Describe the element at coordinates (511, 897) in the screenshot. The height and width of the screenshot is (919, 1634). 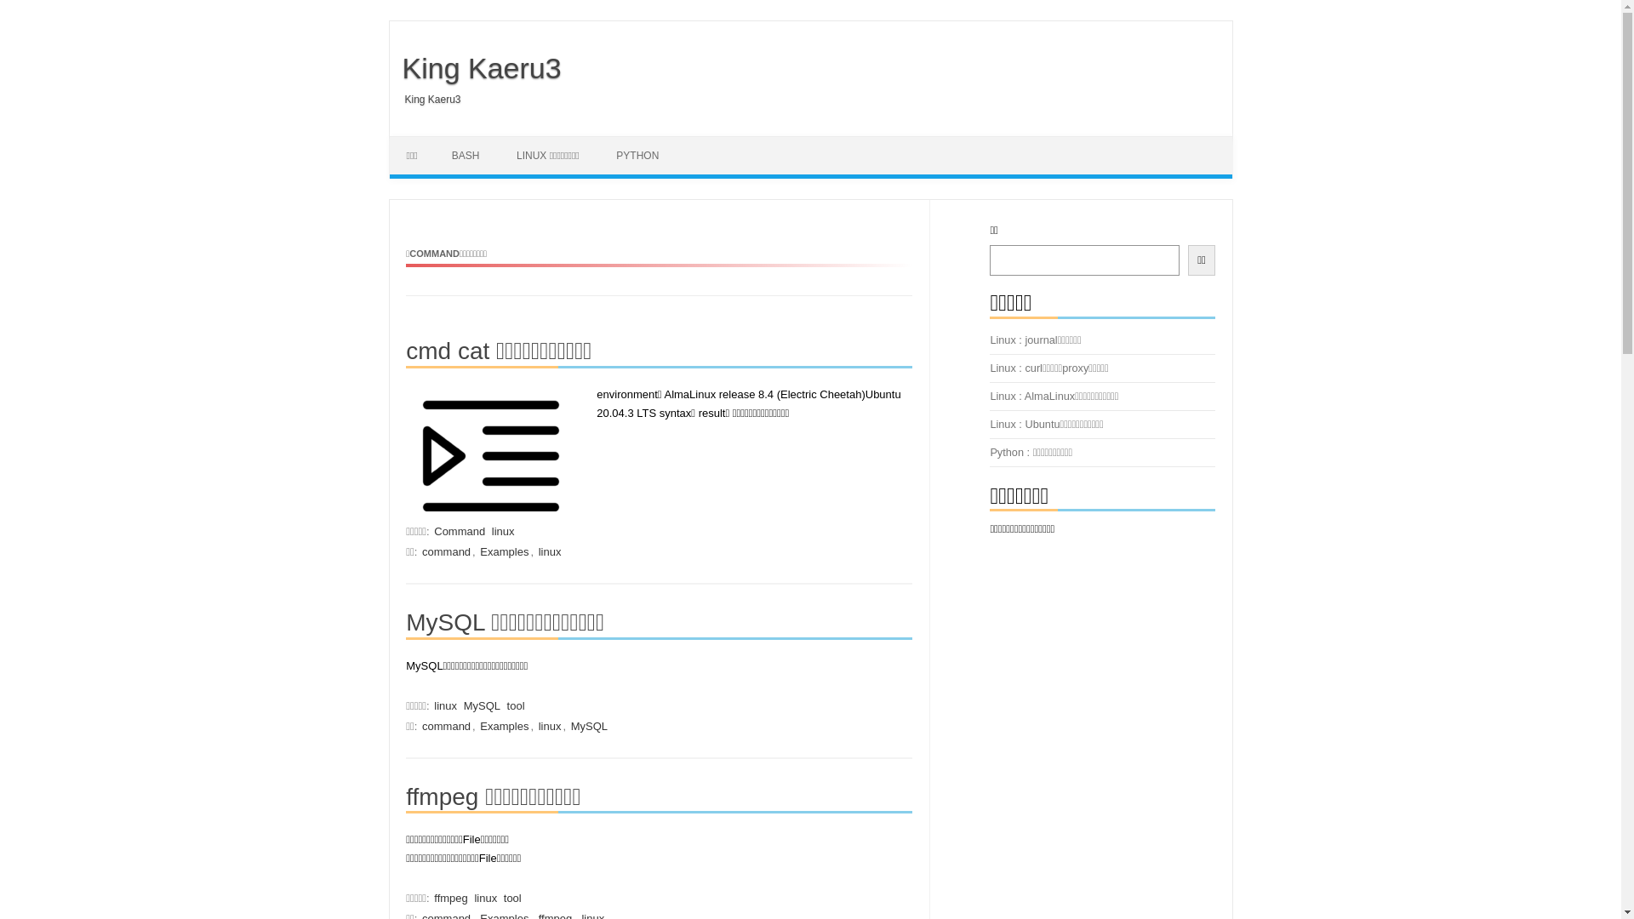
I see `'tool'` at that location.